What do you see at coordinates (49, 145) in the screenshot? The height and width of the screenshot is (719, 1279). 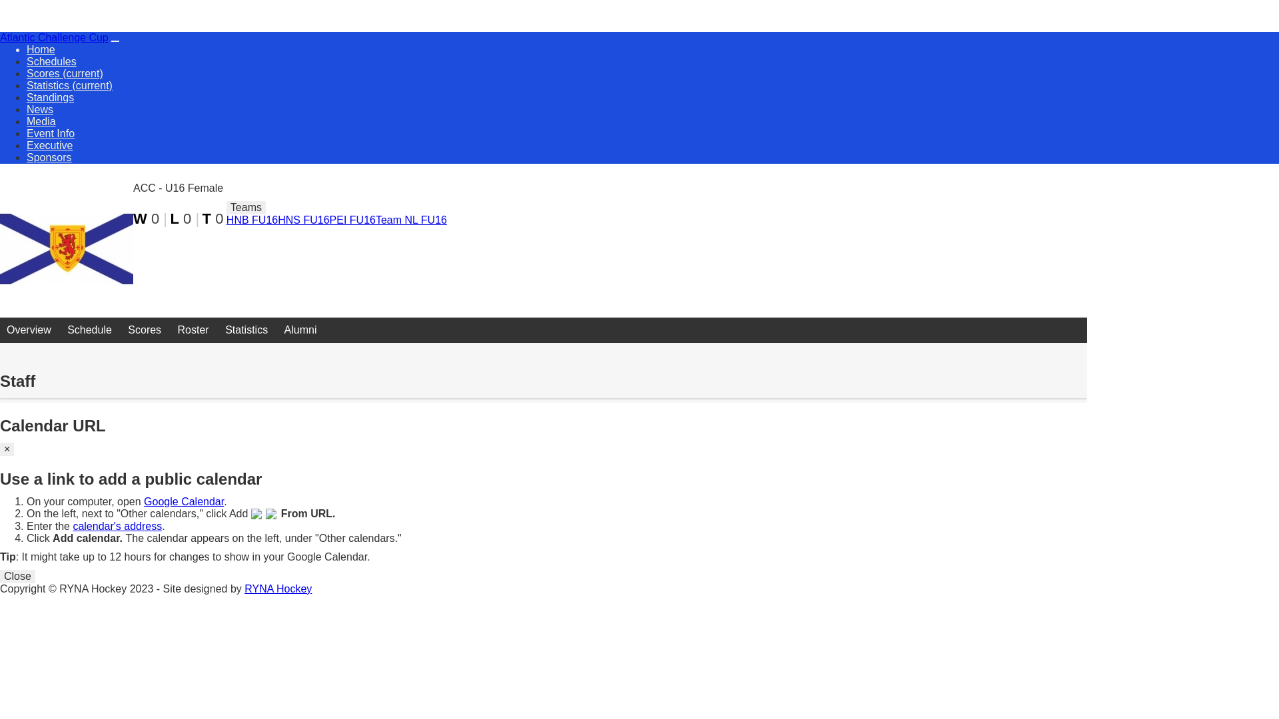 I see `'Executive'` at bounding box center [49, 145].